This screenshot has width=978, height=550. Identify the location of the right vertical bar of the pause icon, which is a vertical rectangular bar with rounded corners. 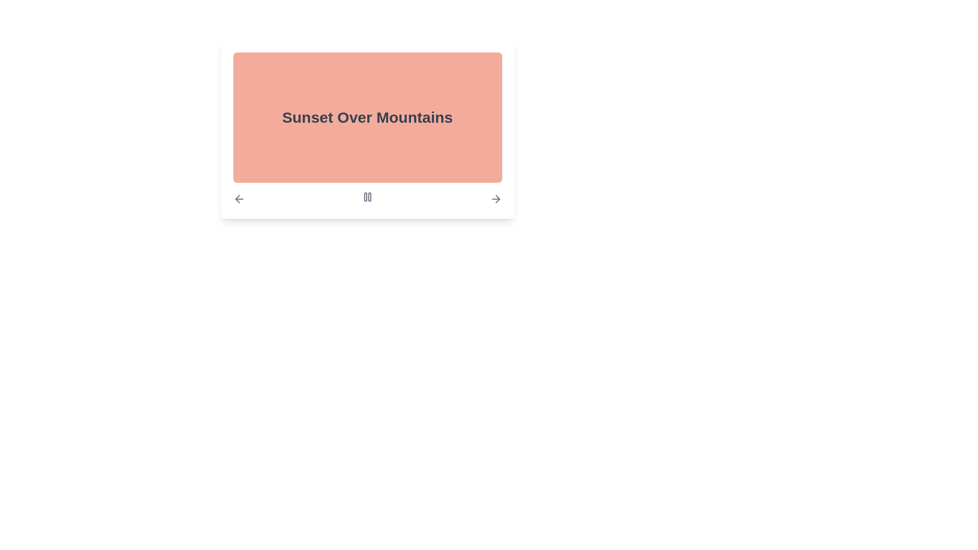
(369, 197).